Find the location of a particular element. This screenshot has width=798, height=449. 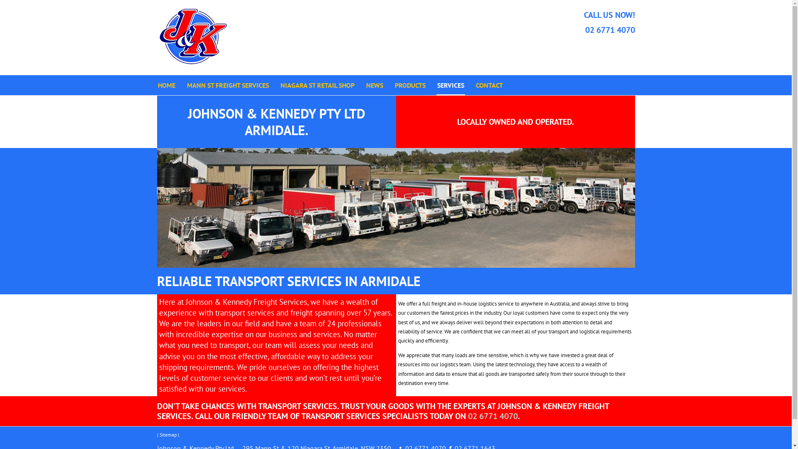

'NEWS' is located at coordinates (374, 85).